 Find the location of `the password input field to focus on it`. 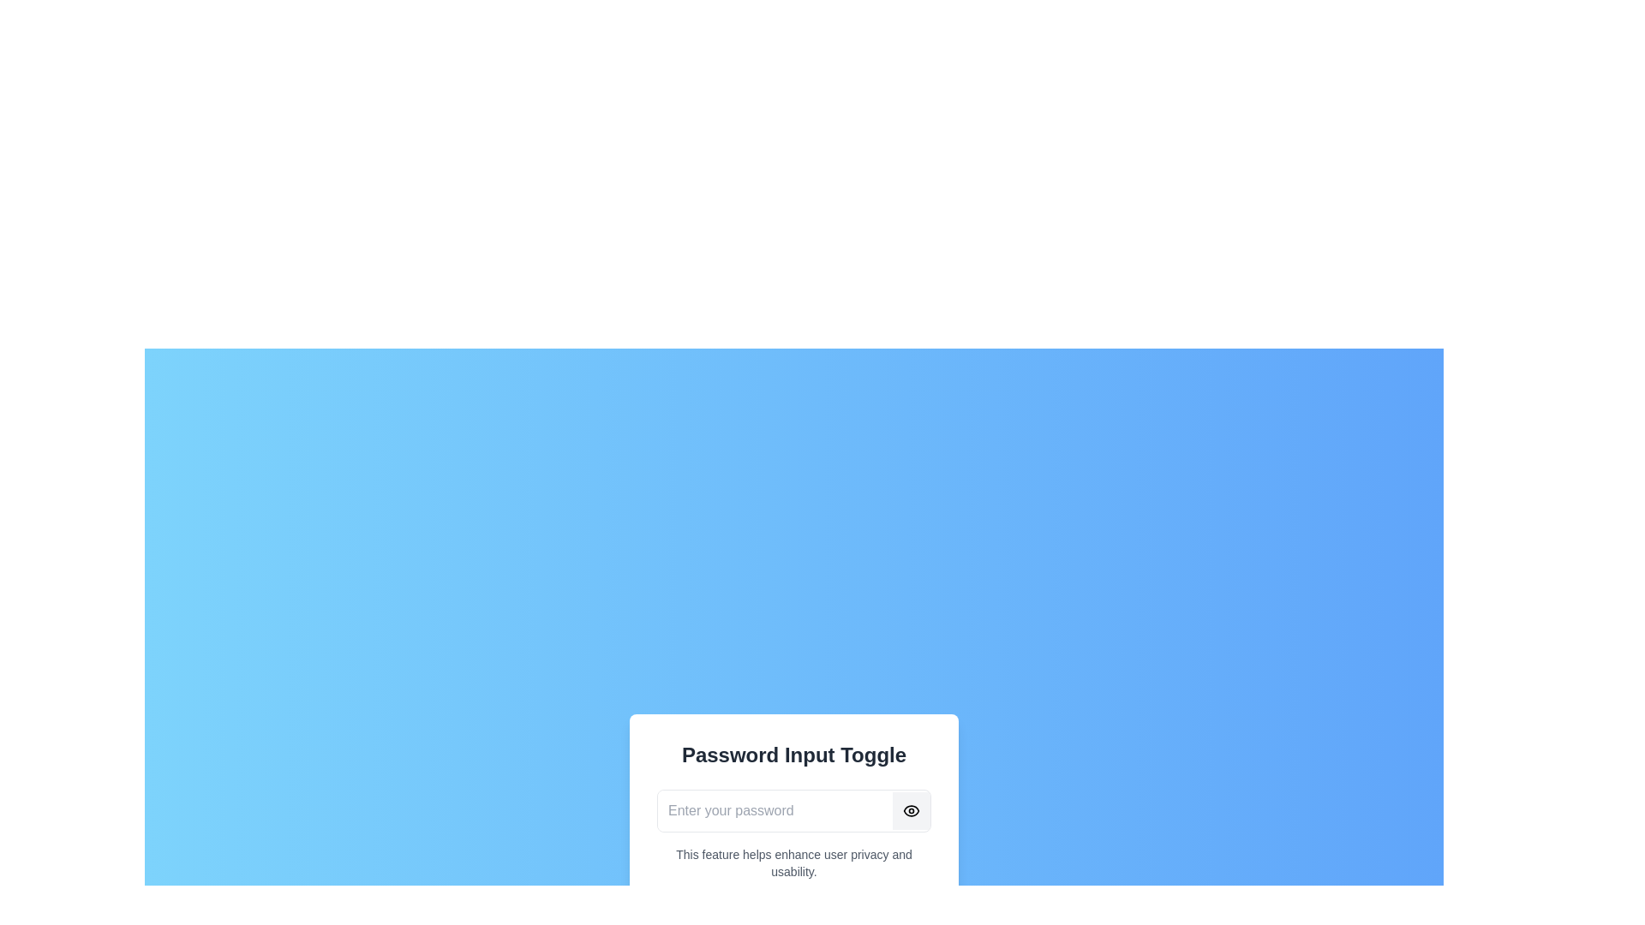

the password input field to focus on it is located at coordinates (775, 810).